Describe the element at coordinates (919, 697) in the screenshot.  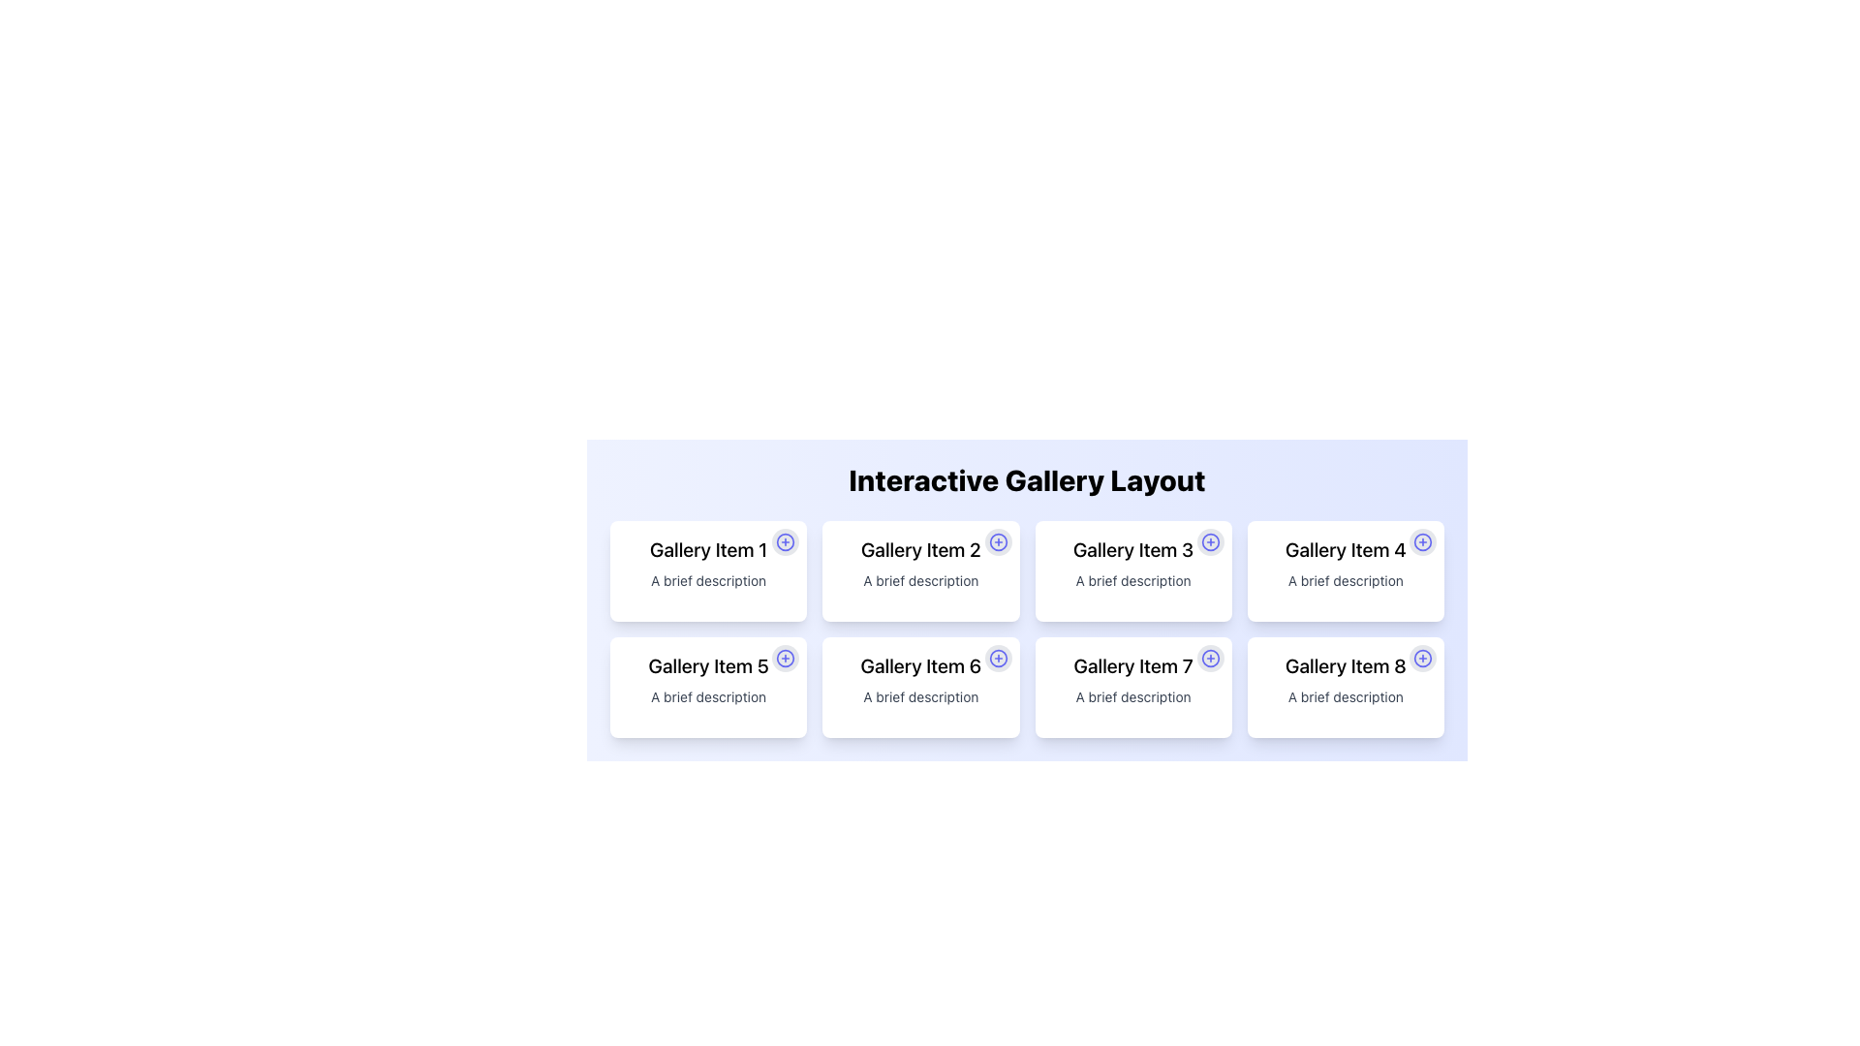
I see `the descriptive text element for 'Gallery Item 6', located below the label within its card in the grid layout` at that location.